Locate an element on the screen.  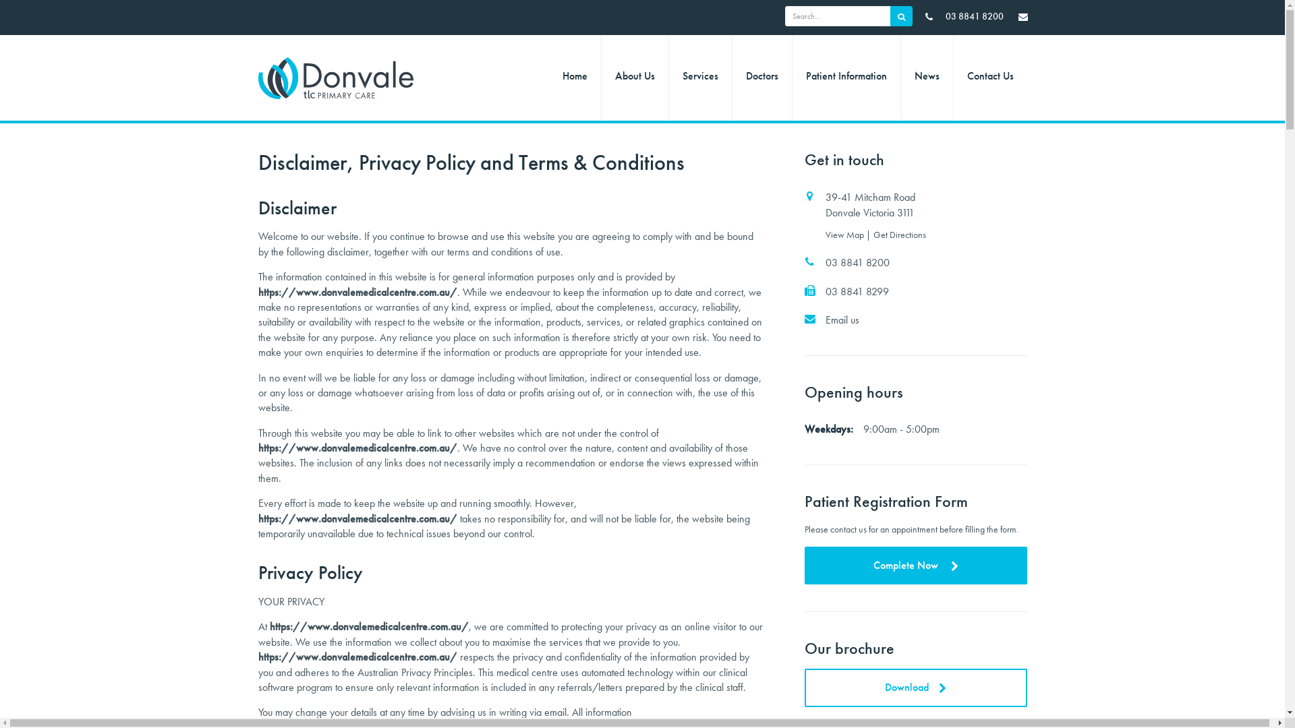
' 03 8841 8200' is located at coordinates (964, 16).